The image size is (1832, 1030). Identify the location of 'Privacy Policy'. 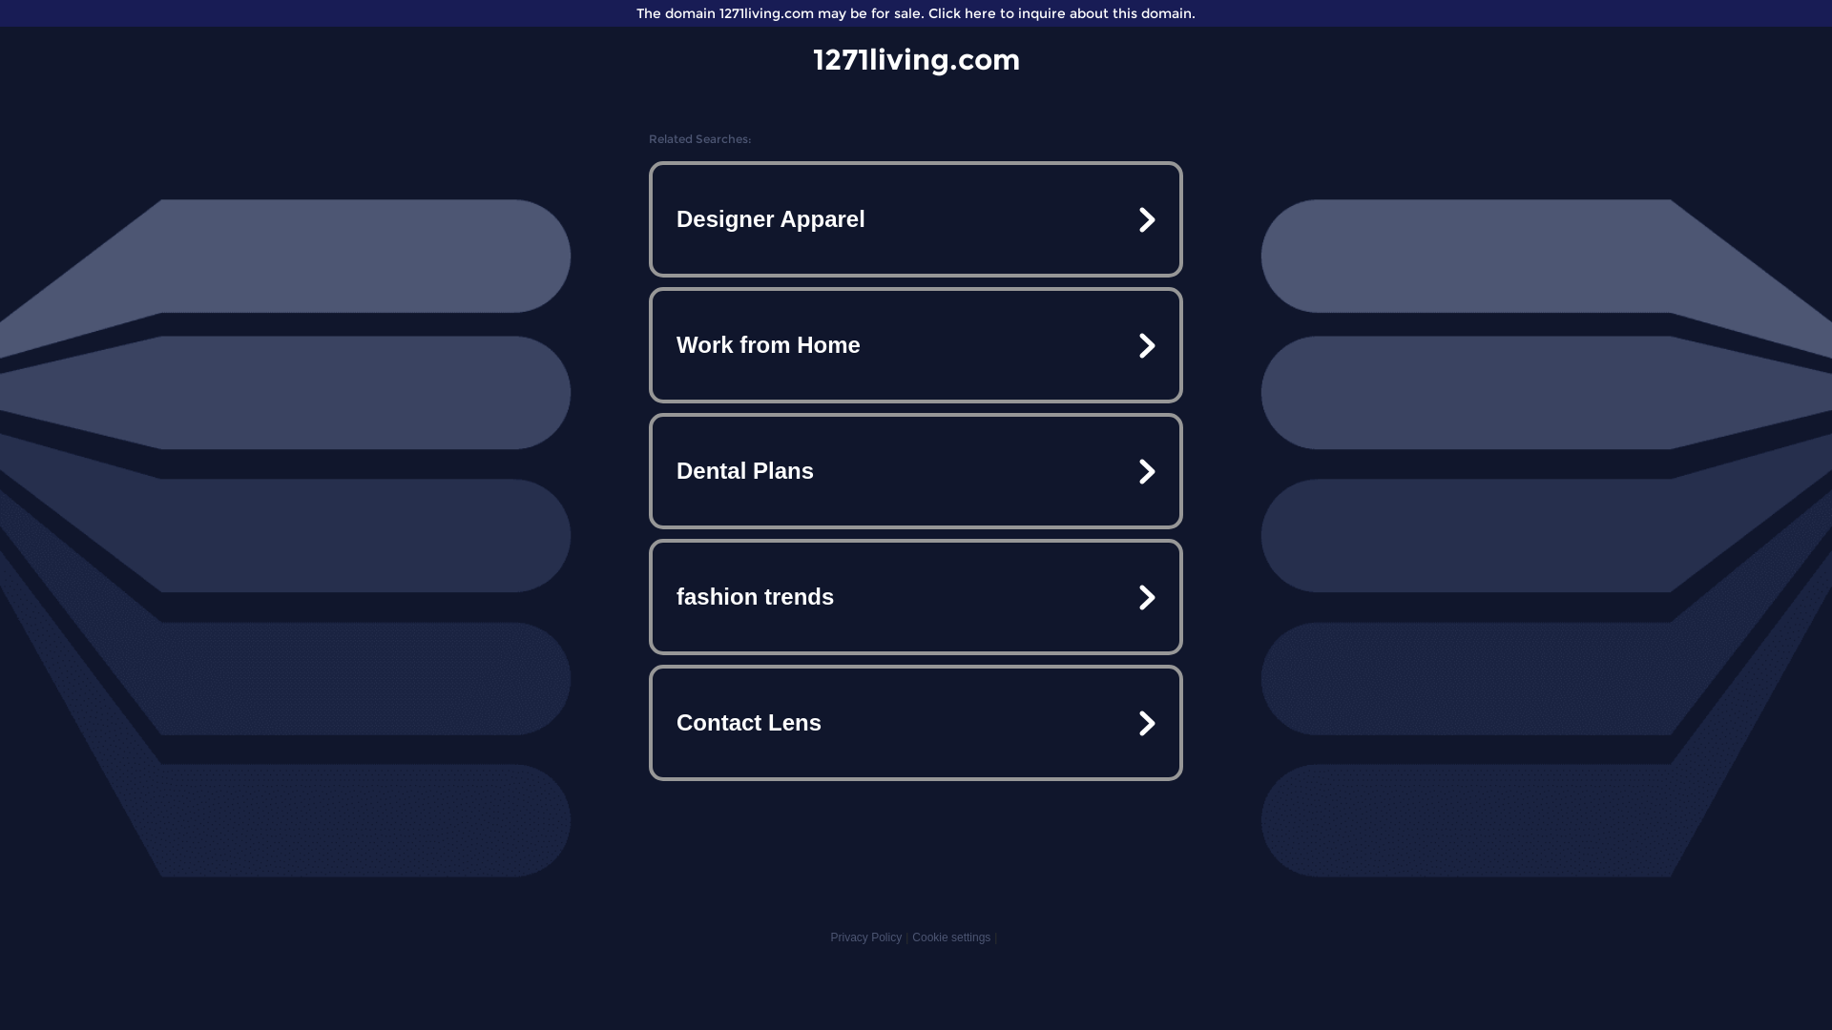
(864, 937).